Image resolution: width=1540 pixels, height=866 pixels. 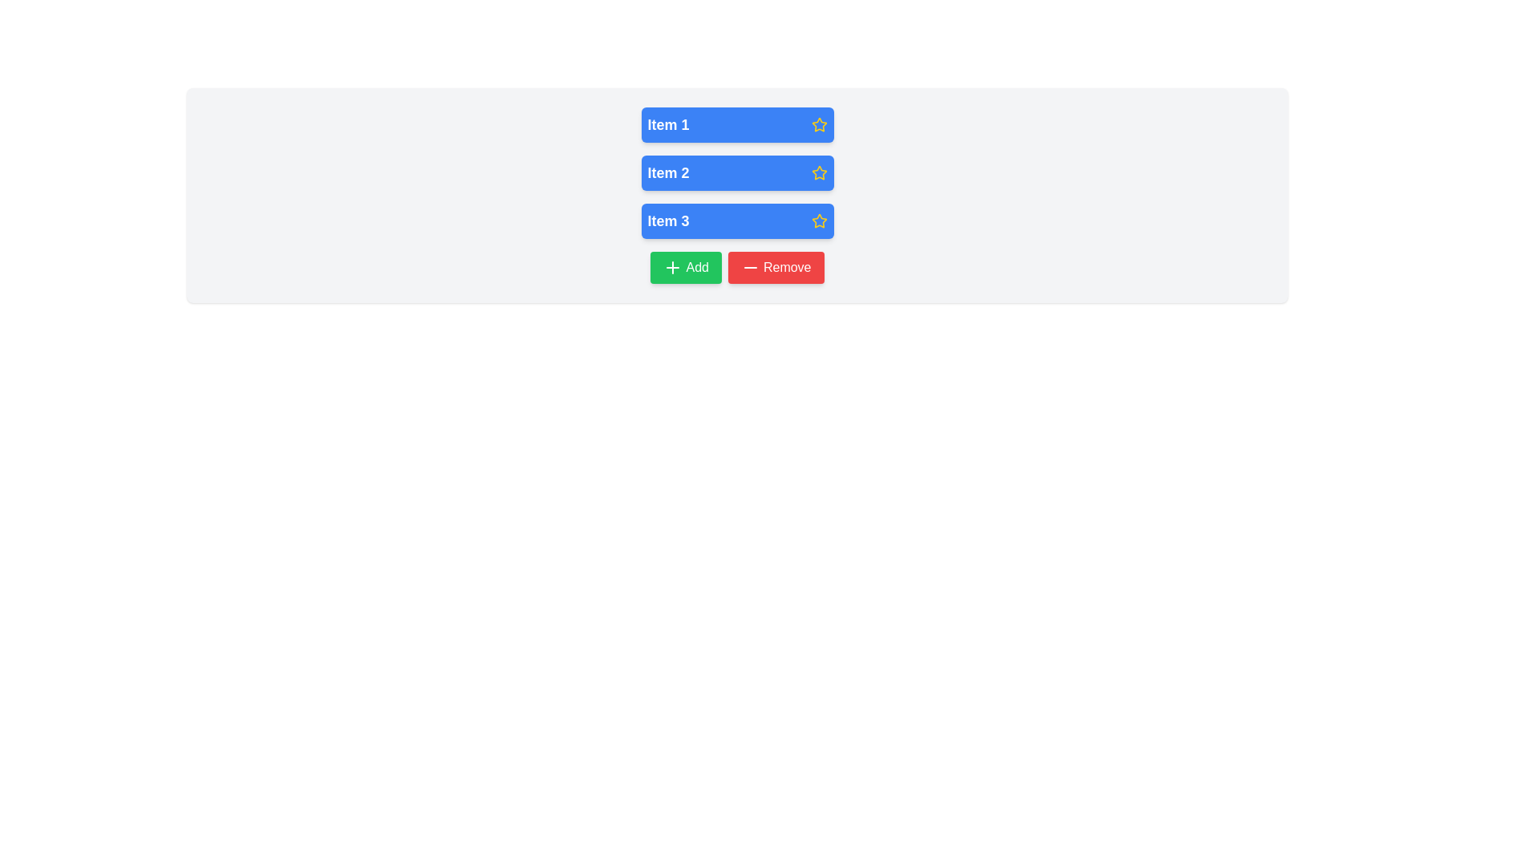 I want to click on the star icon located at the upper right corner of 'Item 1' in the list, so click(x=819, y=123).